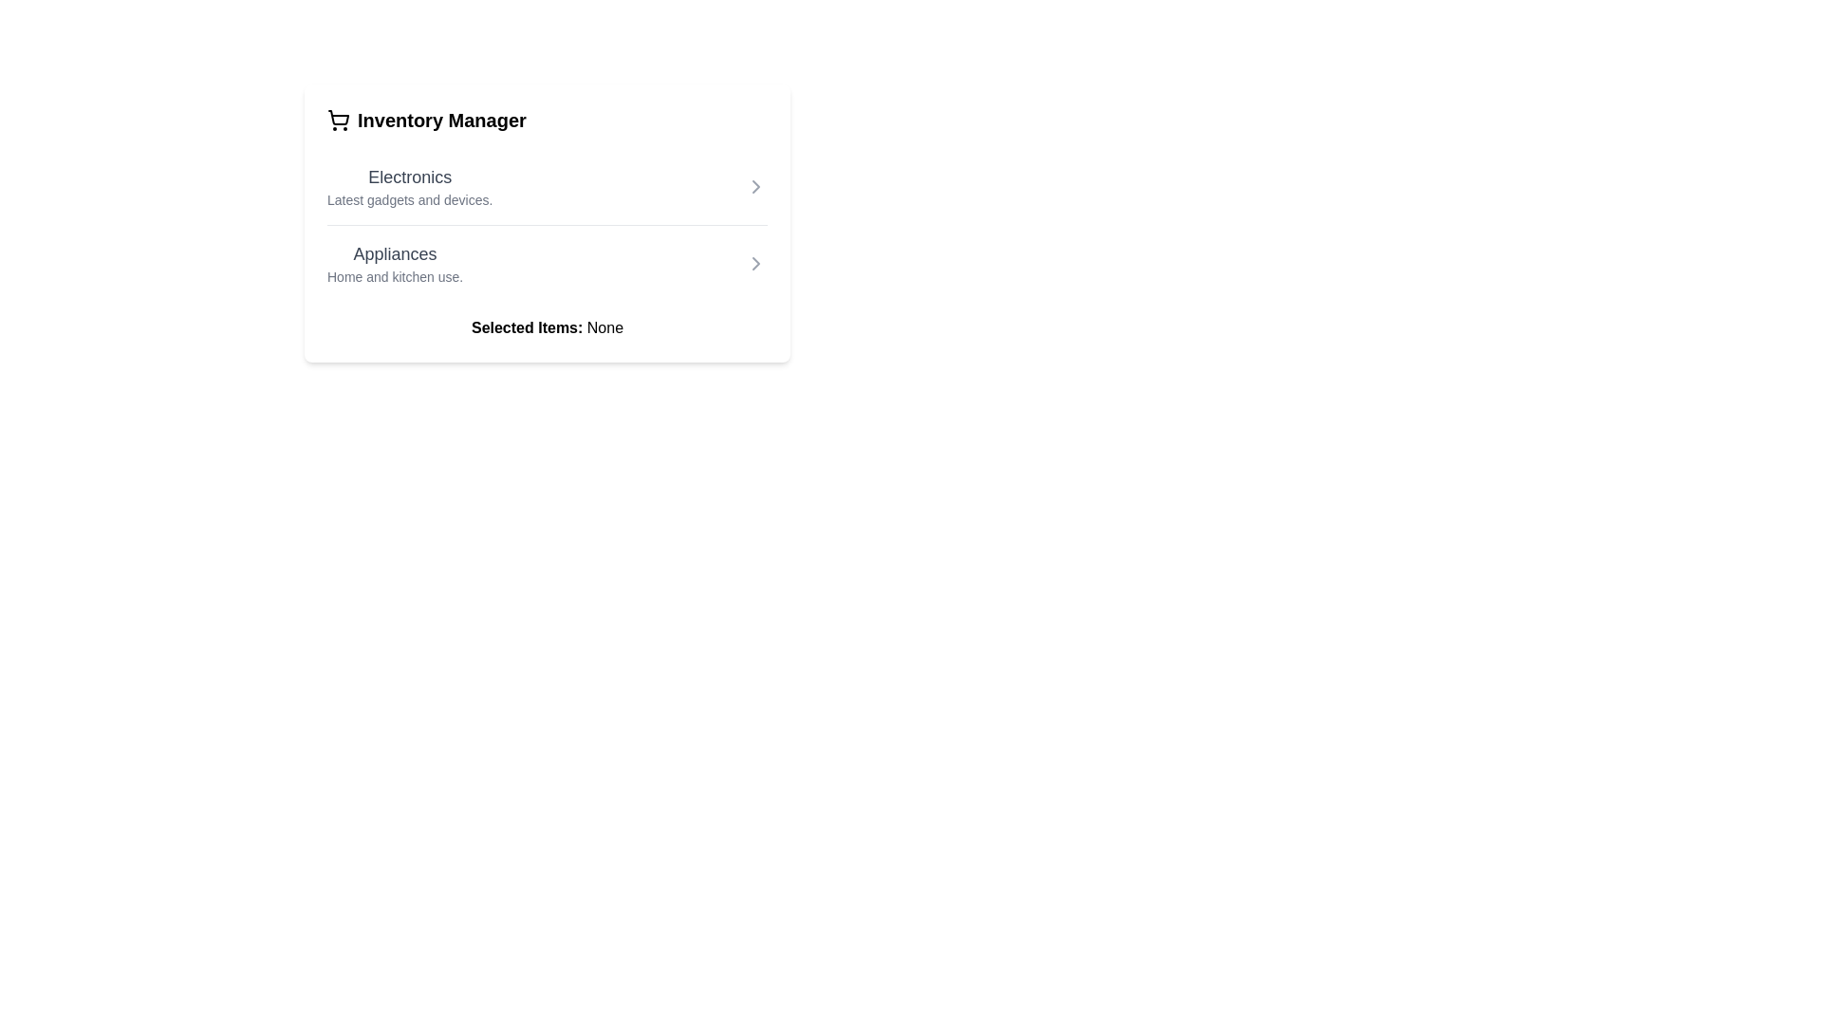 Image resolution: width=1822 pixels, height=1025 pixels. Describe the element at coordinates (394, 277) in the screenshot. I see `the descriptive text element located below the 'Appliances' header, which provides additional context for the Appliances section` at that location.